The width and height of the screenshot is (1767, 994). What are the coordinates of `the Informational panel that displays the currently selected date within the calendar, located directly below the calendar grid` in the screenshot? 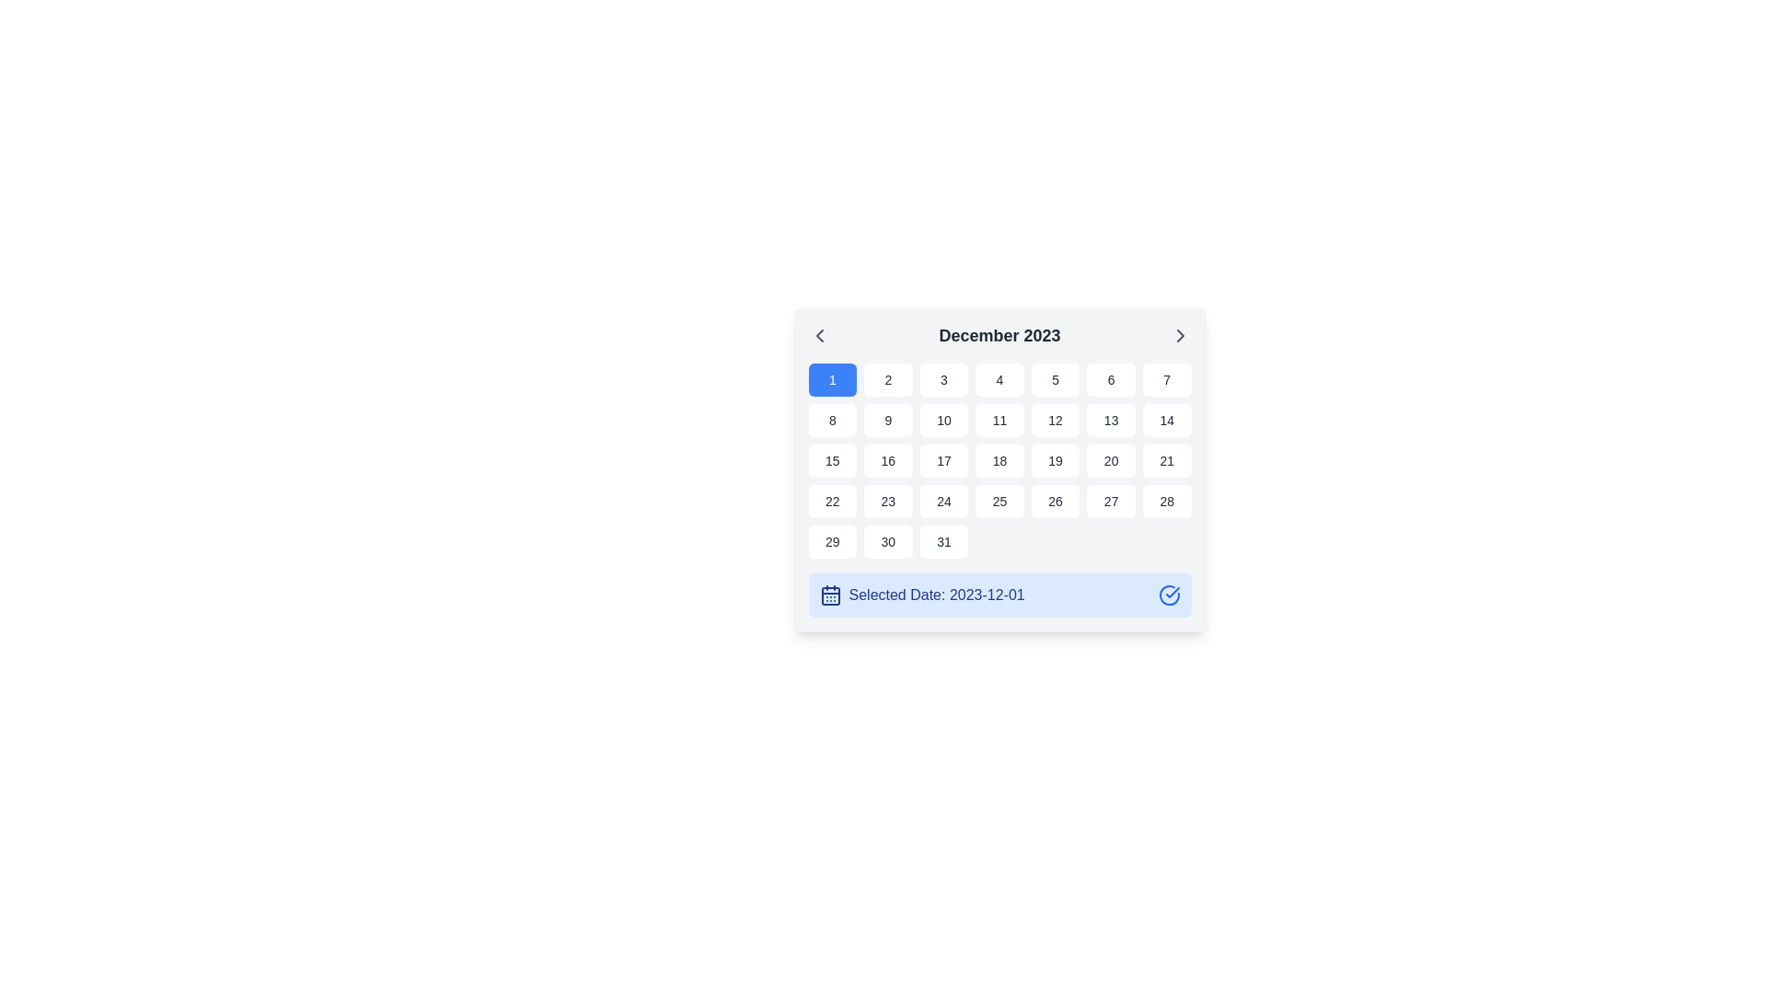 It's located at (999, 595).